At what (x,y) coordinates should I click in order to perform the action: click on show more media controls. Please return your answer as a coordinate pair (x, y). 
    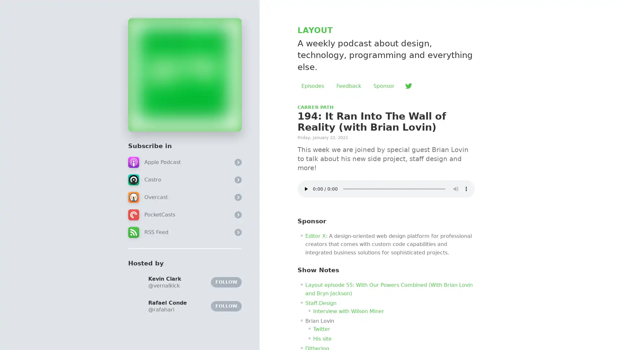
    Looking at the image, I should click on (466, 189).